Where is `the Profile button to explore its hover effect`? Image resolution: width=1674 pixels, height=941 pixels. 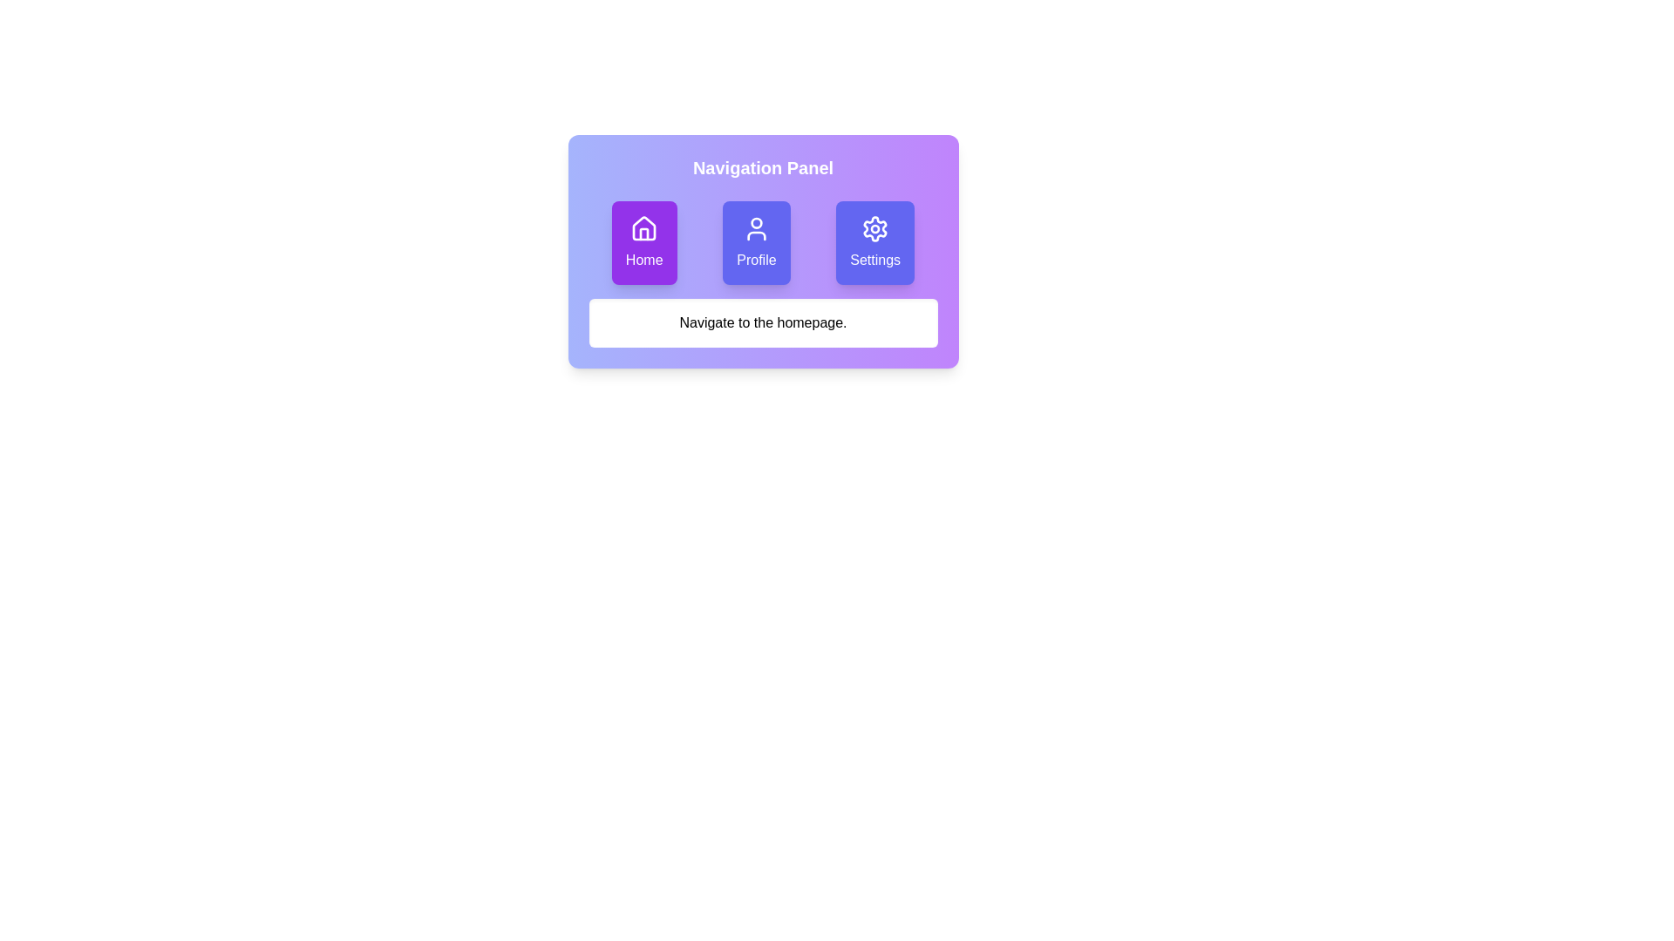 the Profile button to explore its hover effect is located at coordinates (756, 242).